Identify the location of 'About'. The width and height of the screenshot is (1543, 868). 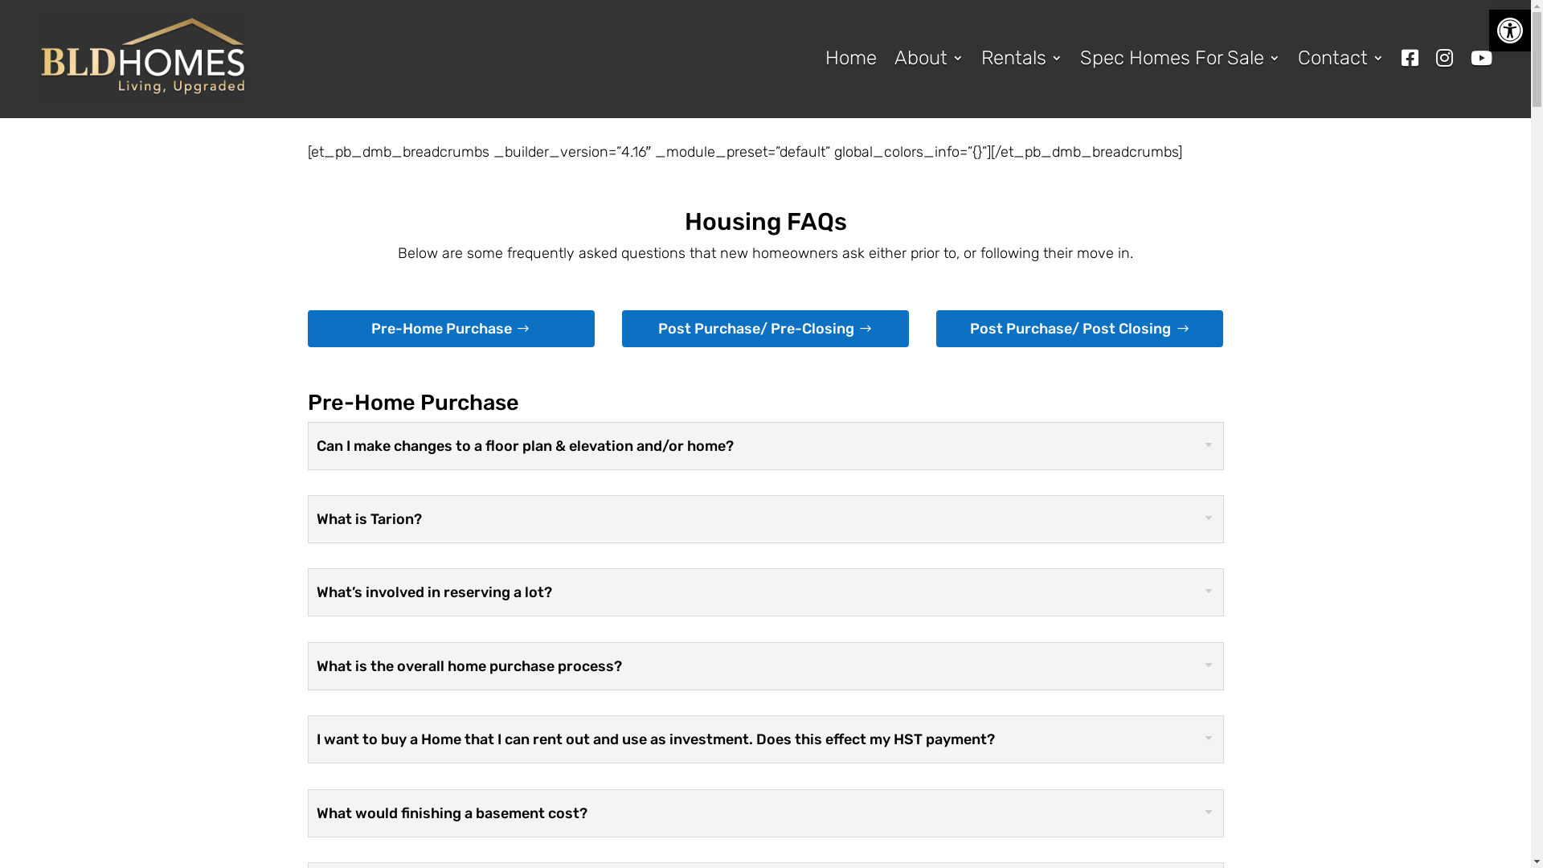
(929, 57).